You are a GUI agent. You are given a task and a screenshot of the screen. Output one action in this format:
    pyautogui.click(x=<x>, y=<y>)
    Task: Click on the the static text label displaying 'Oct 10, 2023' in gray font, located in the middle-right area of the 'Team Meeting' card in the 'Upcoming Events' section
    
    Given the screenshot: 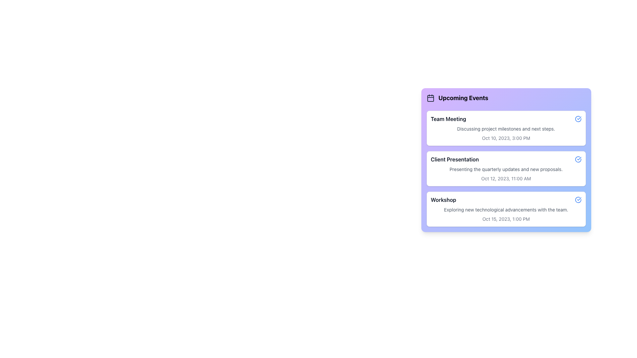 What is the action you would take?
    pyautogui.click(x=496, y=138)
    